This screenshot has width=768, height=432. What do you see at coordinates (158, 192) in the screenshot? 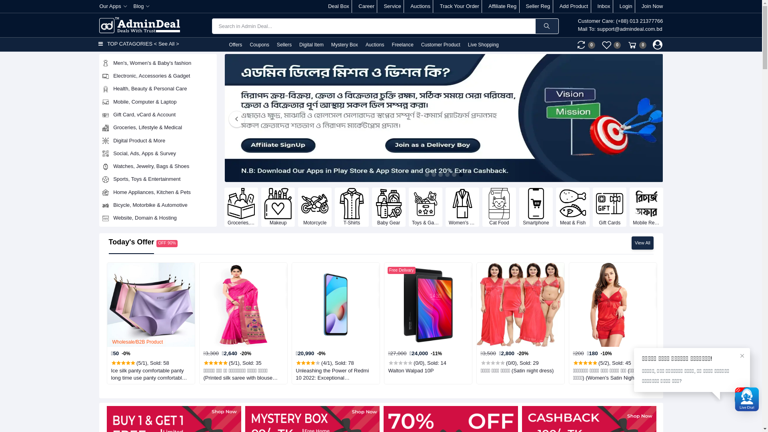
I see `'Home Appliances, Kitchen & Pets'` at bounding box center [158, 192].